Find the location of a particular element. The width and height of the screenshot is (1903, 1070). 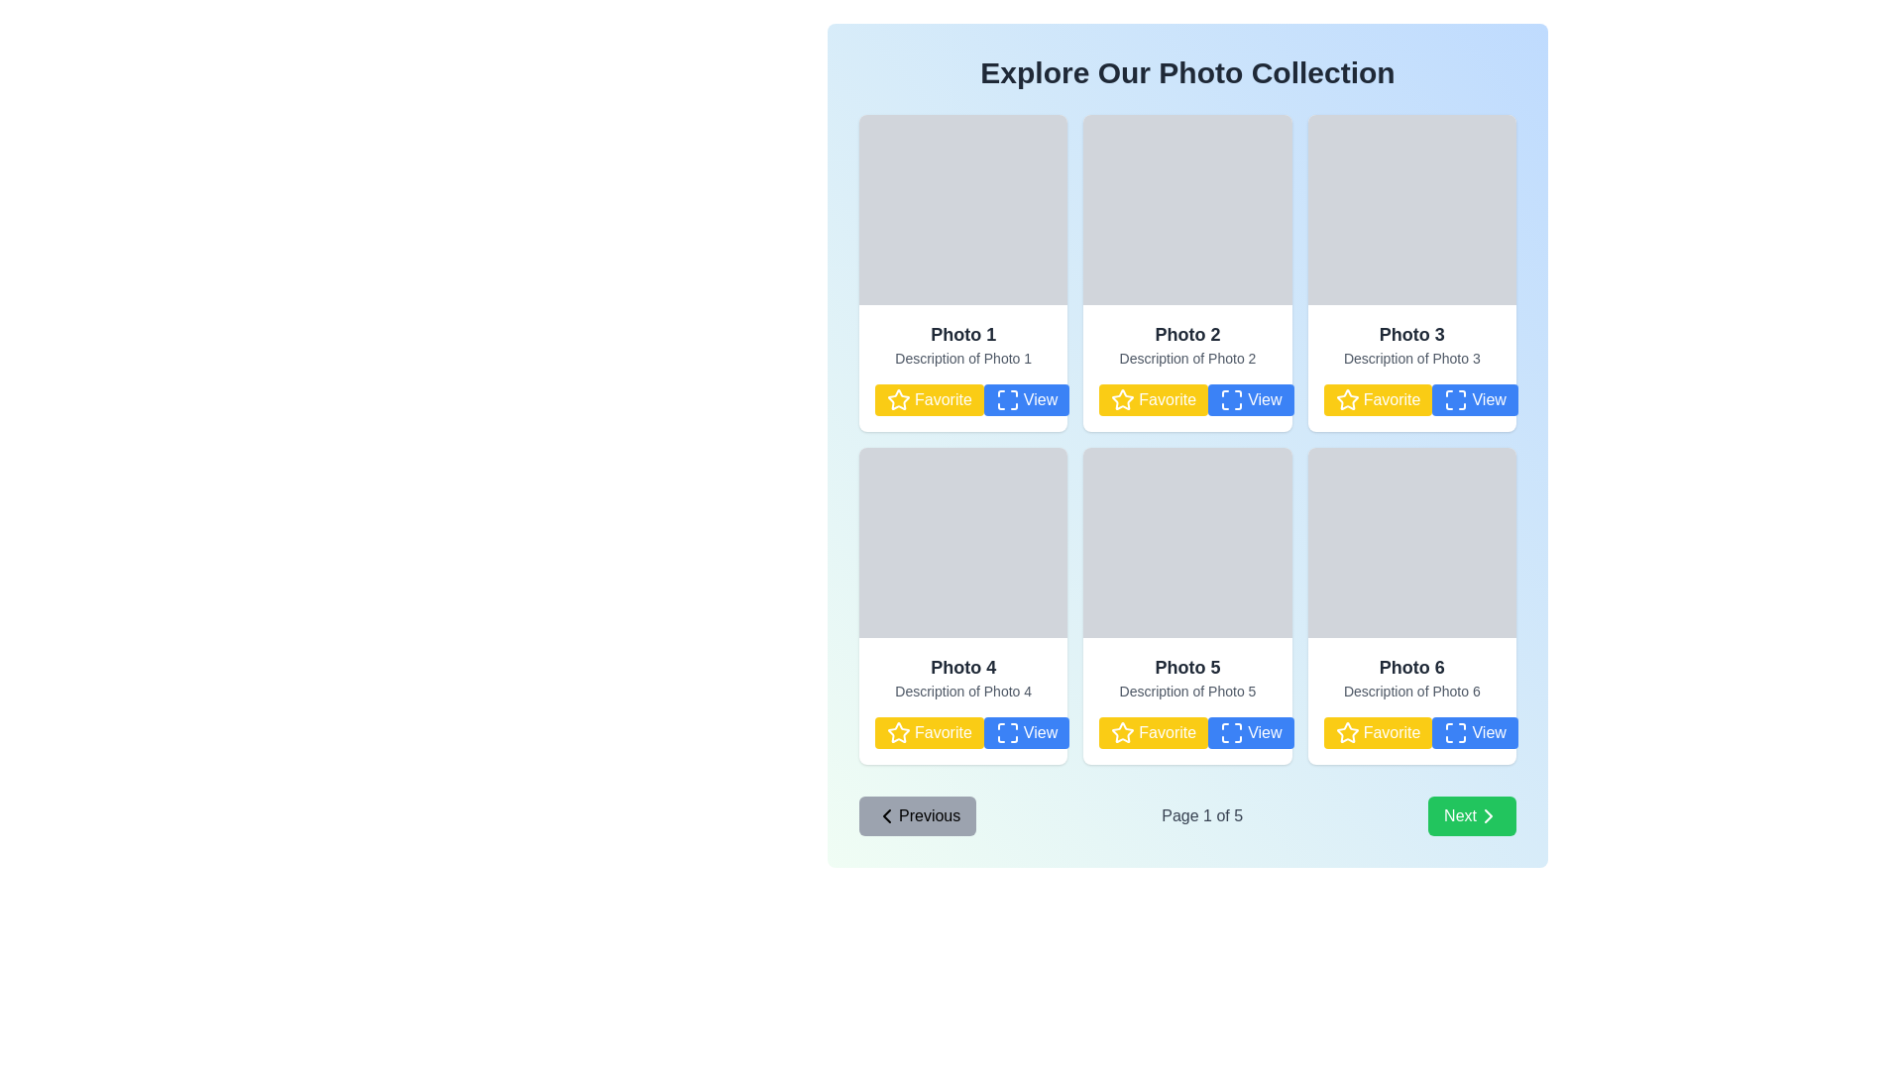

the star icon located to the left of the 'Favorite' text within the yellow button beneath 'Photo 4' to rate it is located at coordinates (898, 733).